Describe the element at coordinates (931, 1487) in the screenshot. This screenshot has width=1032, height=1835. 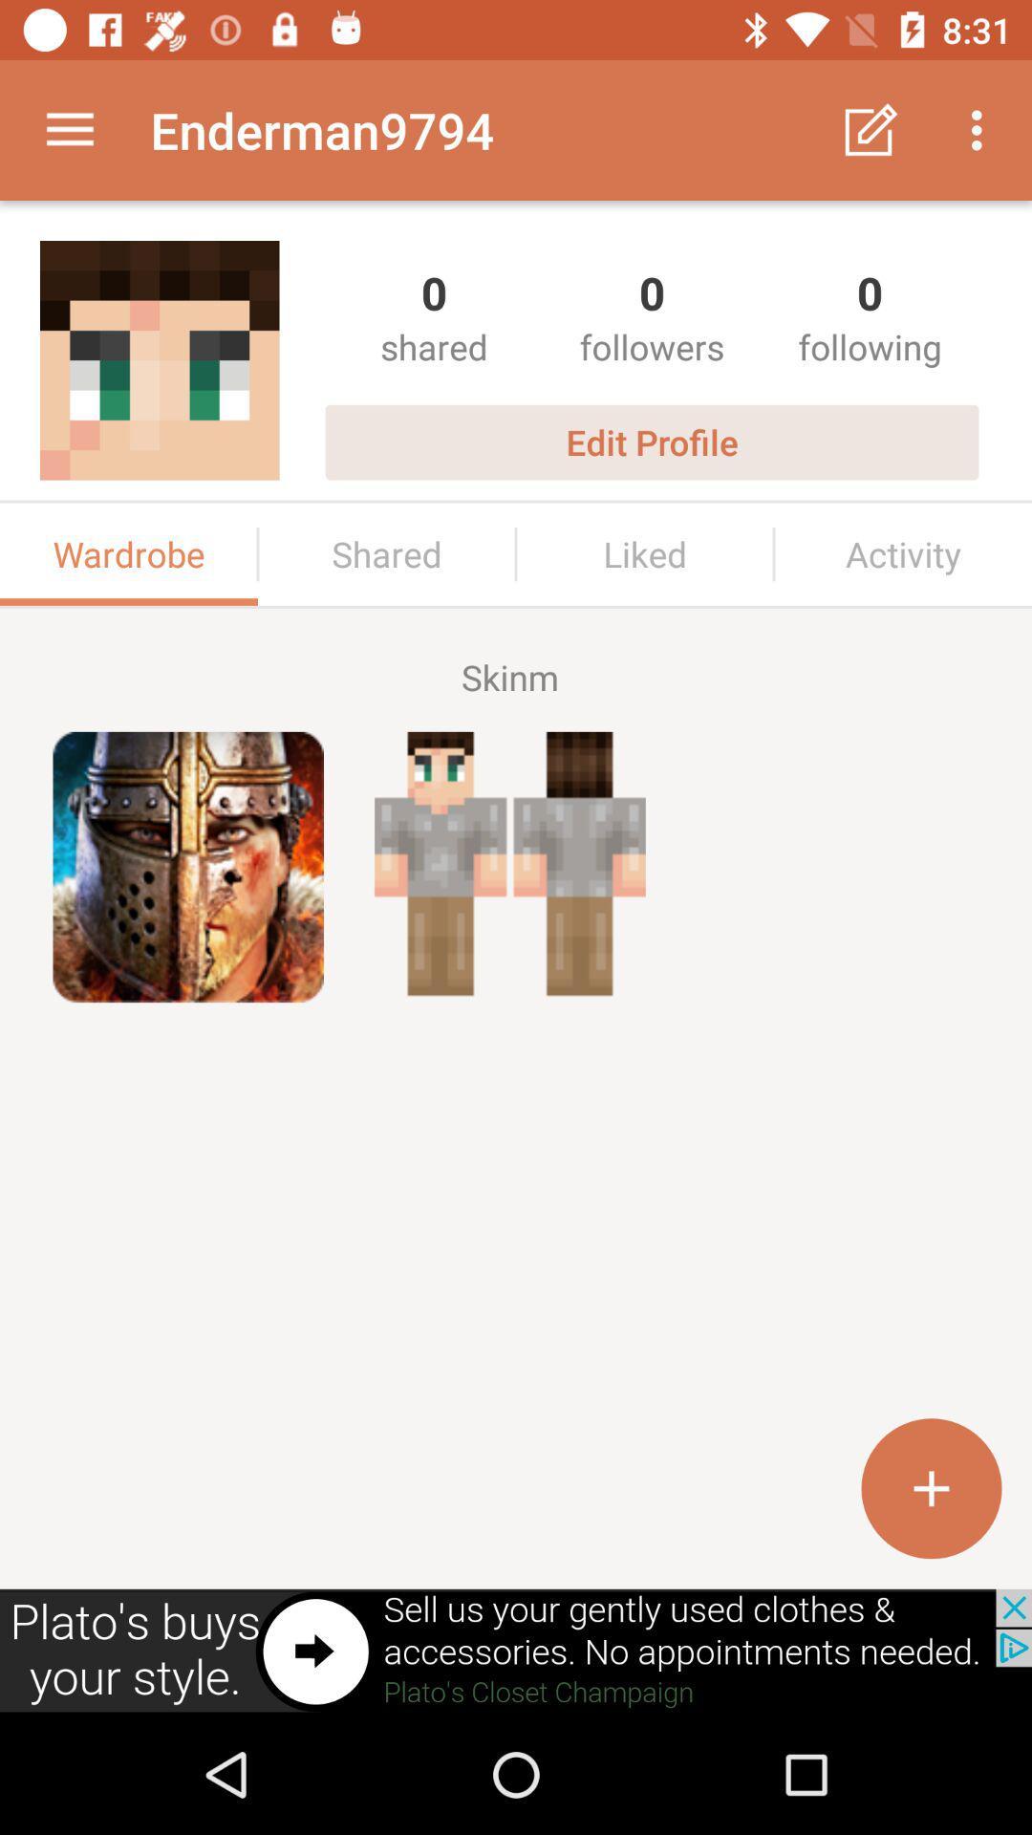
I see `the add icon` at that location.